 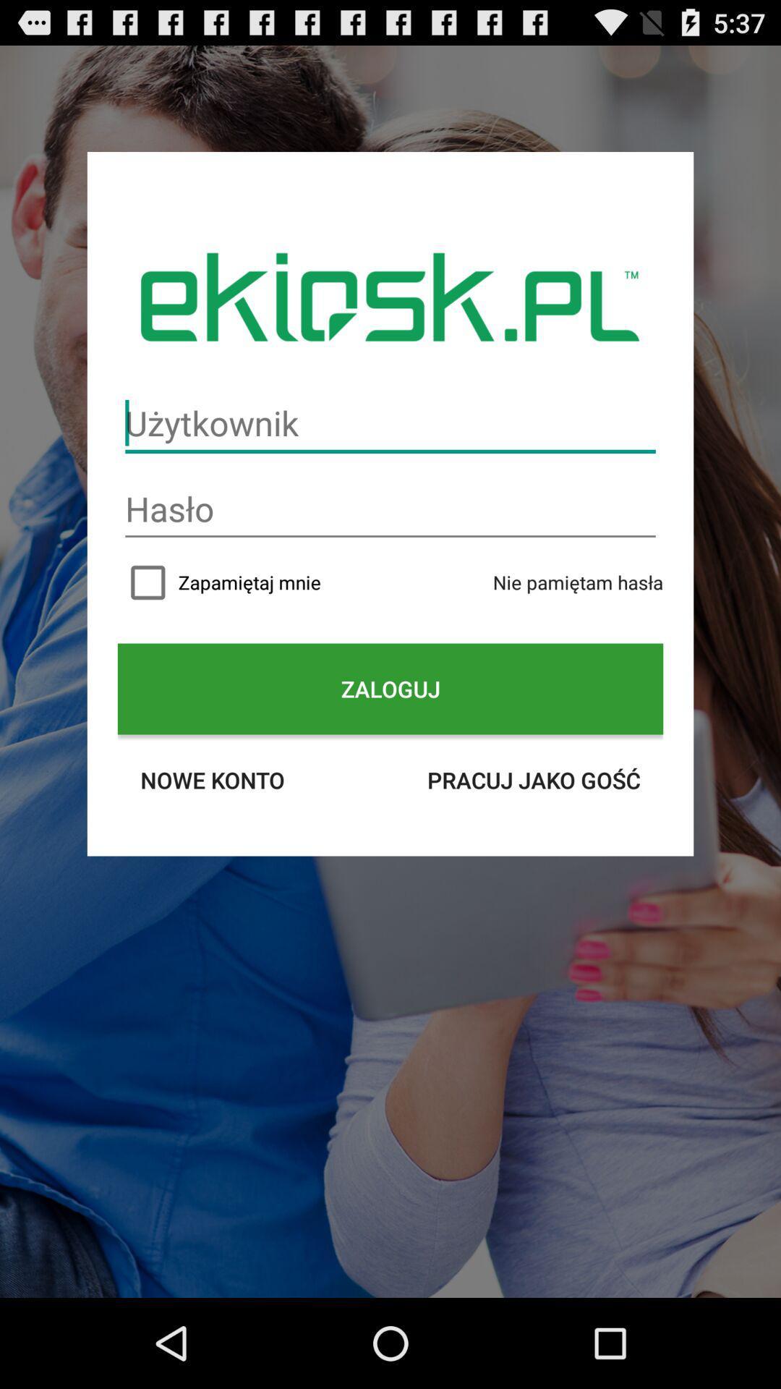 I want to click on username, so click(x=390, y=422).